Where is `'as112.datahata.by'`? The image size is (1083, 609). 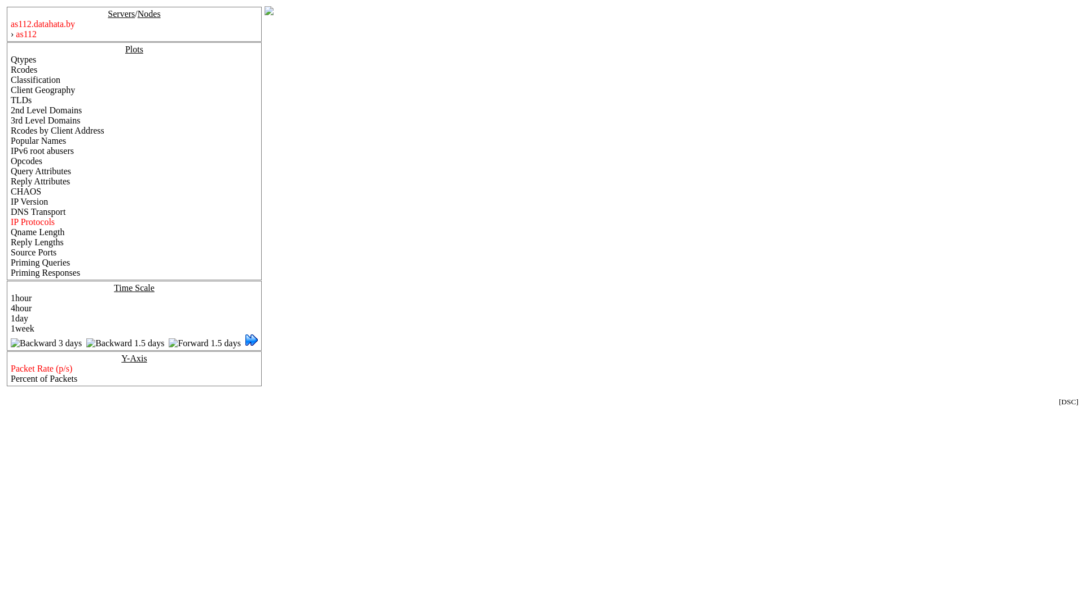
'as112.datahata.by' is located at coordinates (43, 24).